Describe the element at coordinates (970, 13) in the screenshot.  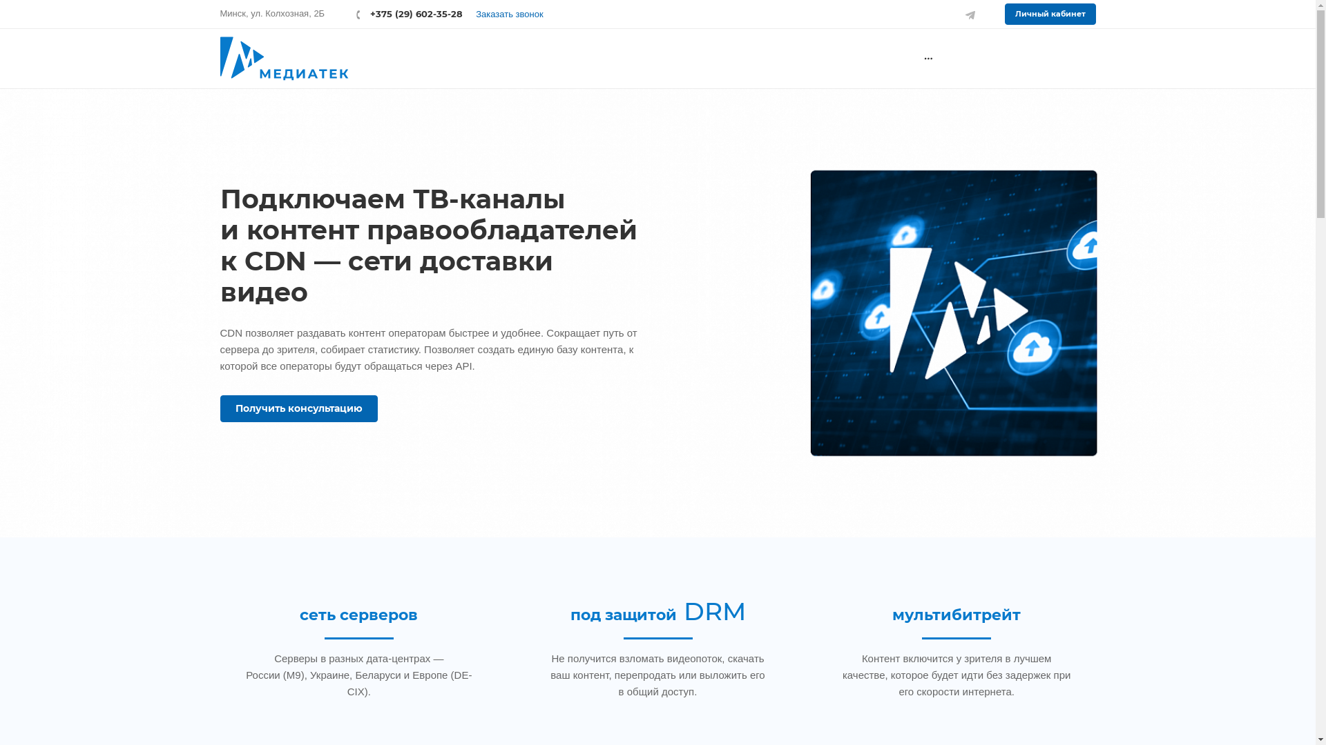
I see `'Telegram'` at that location.